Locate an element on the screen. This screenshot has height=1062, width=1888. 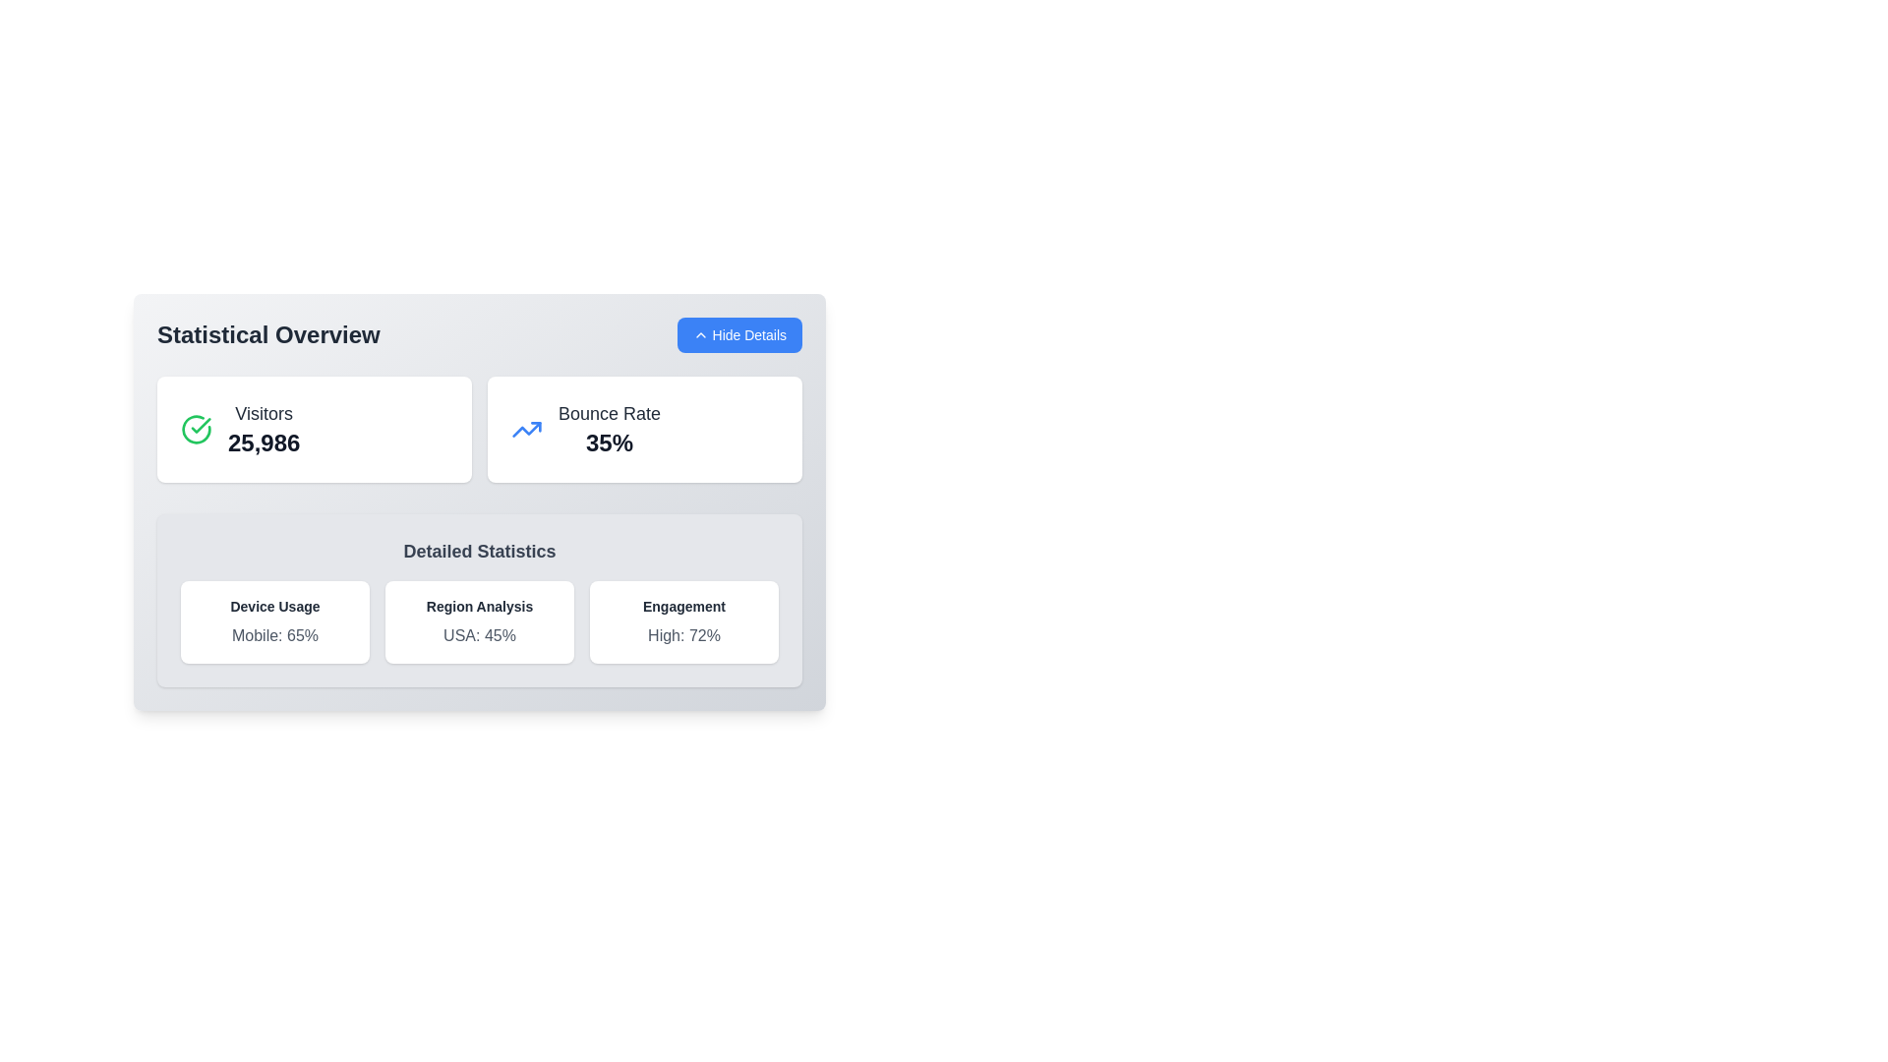
the 'Device Usage' text label which is styled with bold, smaller font, and dark gray color, positioned at the top of the 'Detailed Statistics' card is located at coordinates (273, 606).